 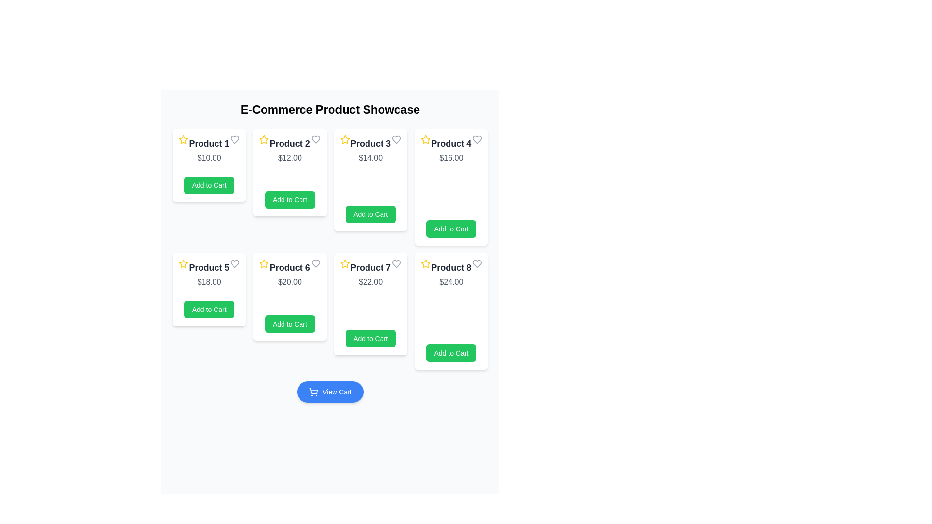 What do you see at coordinates (289, 172) in the screenshot?
I see `the 'Add to Cart' button on the second product card in the grid layout, positioned between 'Product 1' and 'Product 3'` at bounding box center [289, 172].